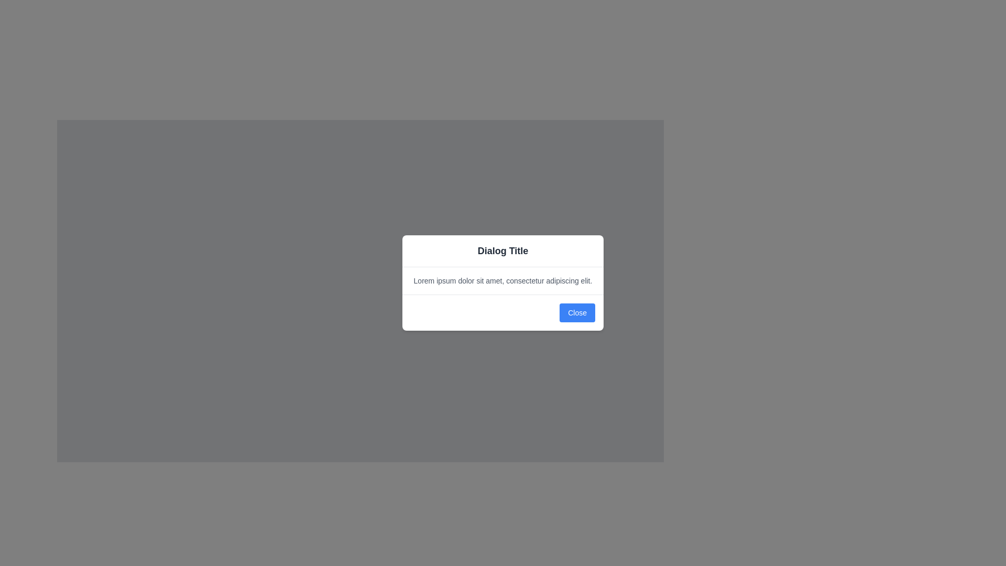 The image size is (1006, 566). I want to click on the 'Dialog Title' text display section at the top of the dialog box, which is visually distinct with a bold font and a white background, so click(503, 251).